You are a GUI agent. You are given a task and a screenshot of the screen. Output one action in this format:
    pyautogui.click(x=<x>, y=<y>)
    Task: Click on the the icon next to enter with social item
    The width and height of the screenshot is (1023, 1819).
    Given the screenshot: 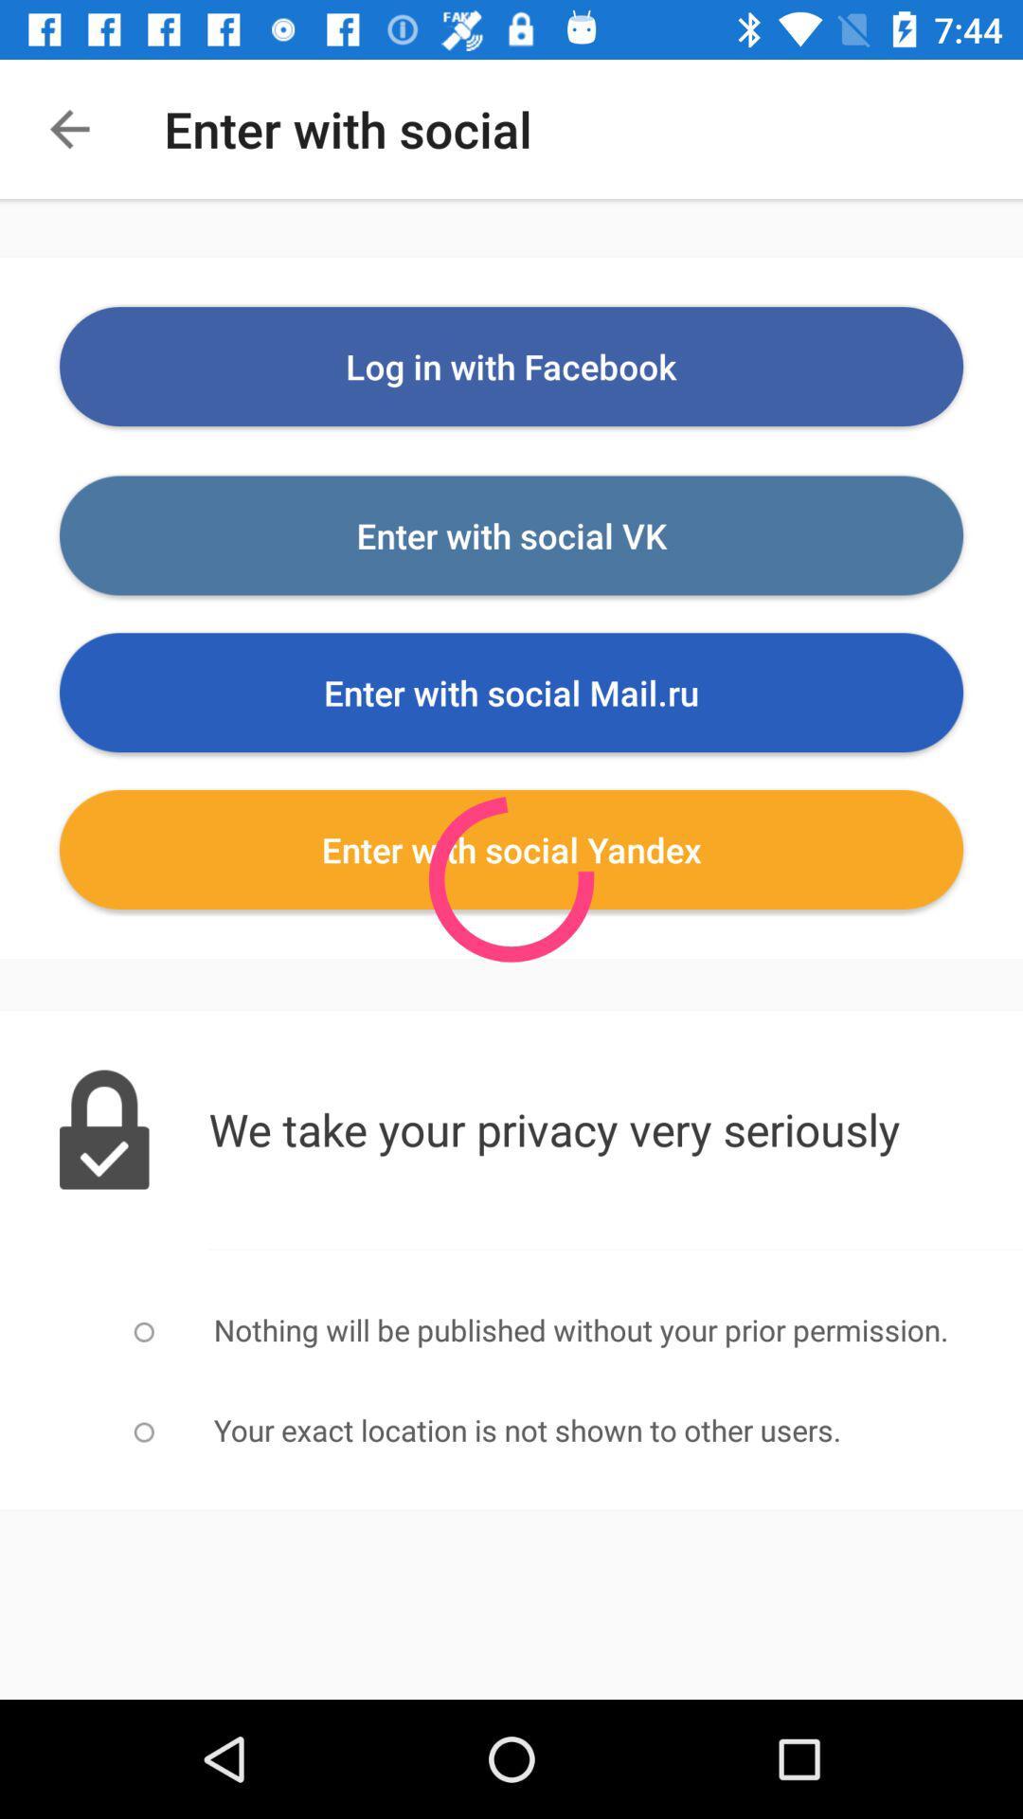 What is the action you would take?
    pyautogui.click(x=68, y=128)
    